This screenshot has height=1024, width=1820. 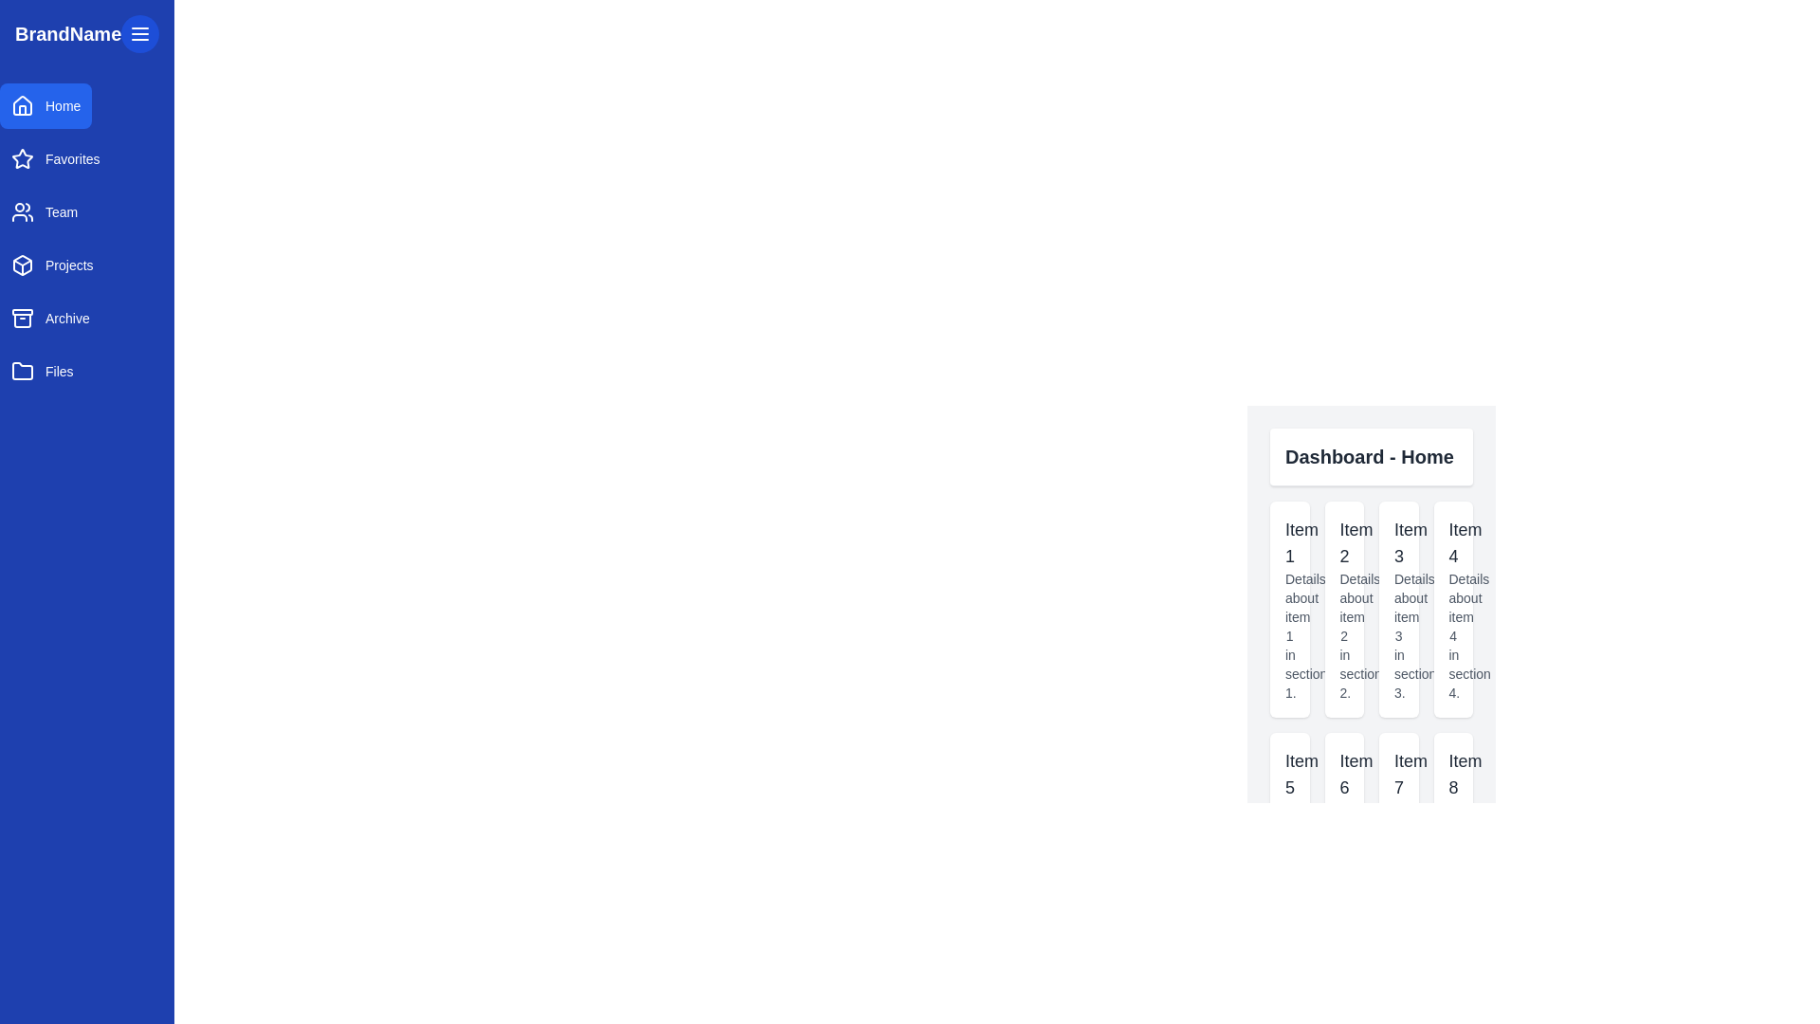 I want to click on the circular blue hamburger menu button located at the top-right corner of the interface, adjacent to the 'BrandName' text, so click(x=139, y=33).